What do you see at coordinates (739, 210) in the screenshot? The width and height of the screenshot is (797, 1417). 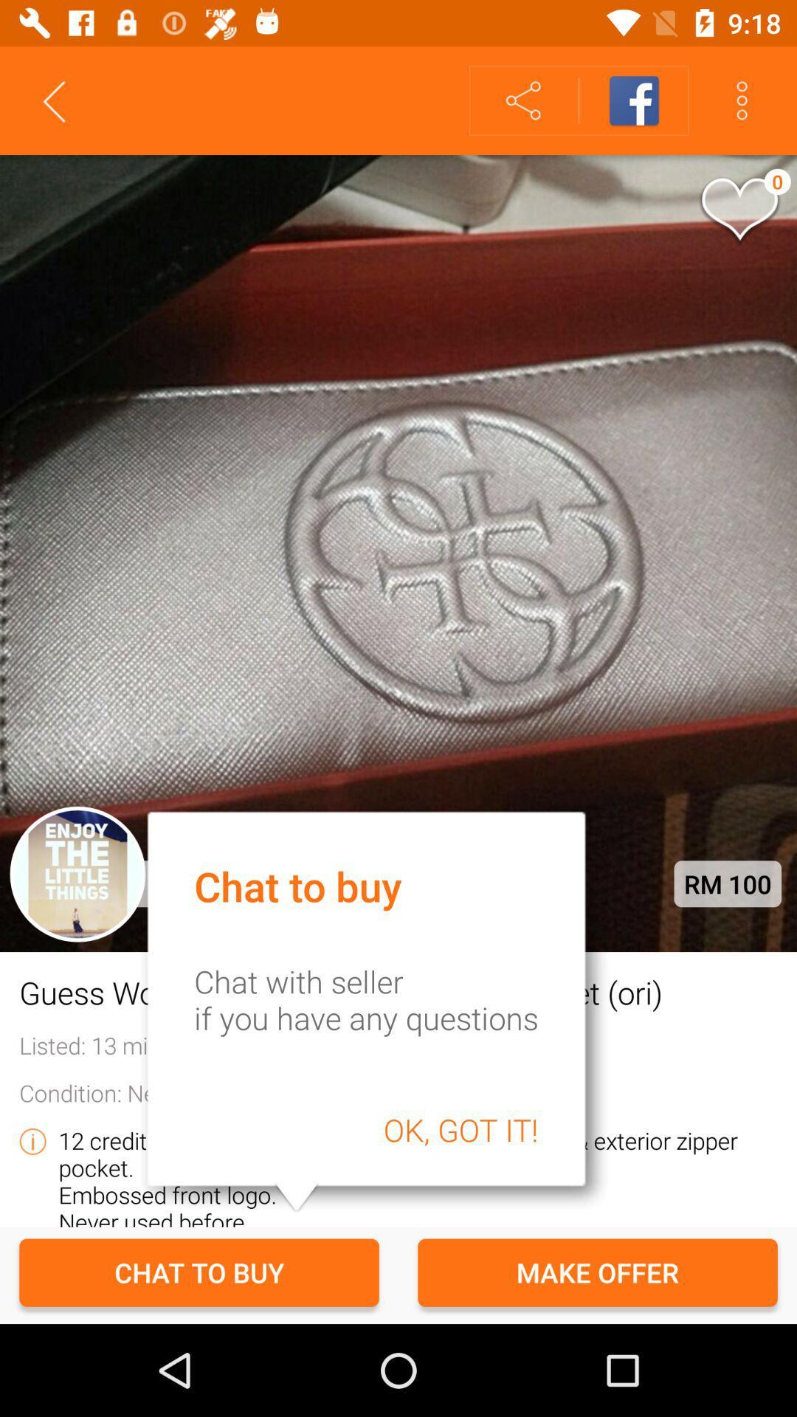 I see `the favorite icon` at bounding box center [739, 210].